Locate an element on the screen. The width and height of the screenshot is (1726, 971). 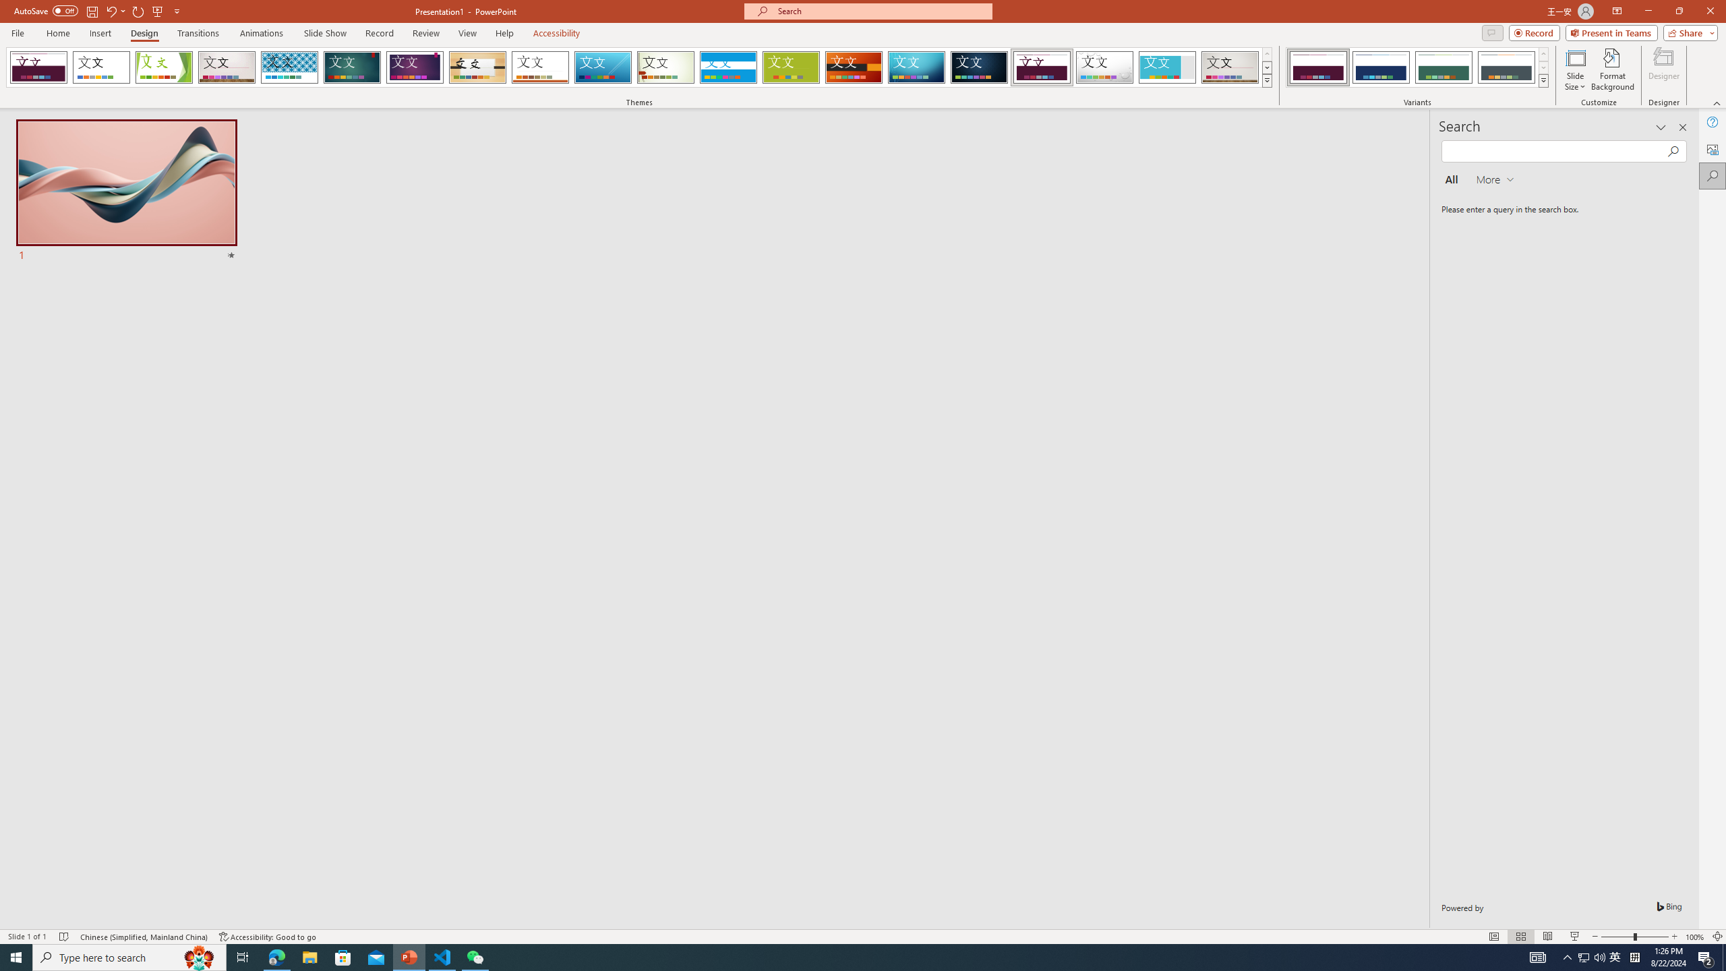
'Dividend Variant 4' is located at coordinates (1506, 67).